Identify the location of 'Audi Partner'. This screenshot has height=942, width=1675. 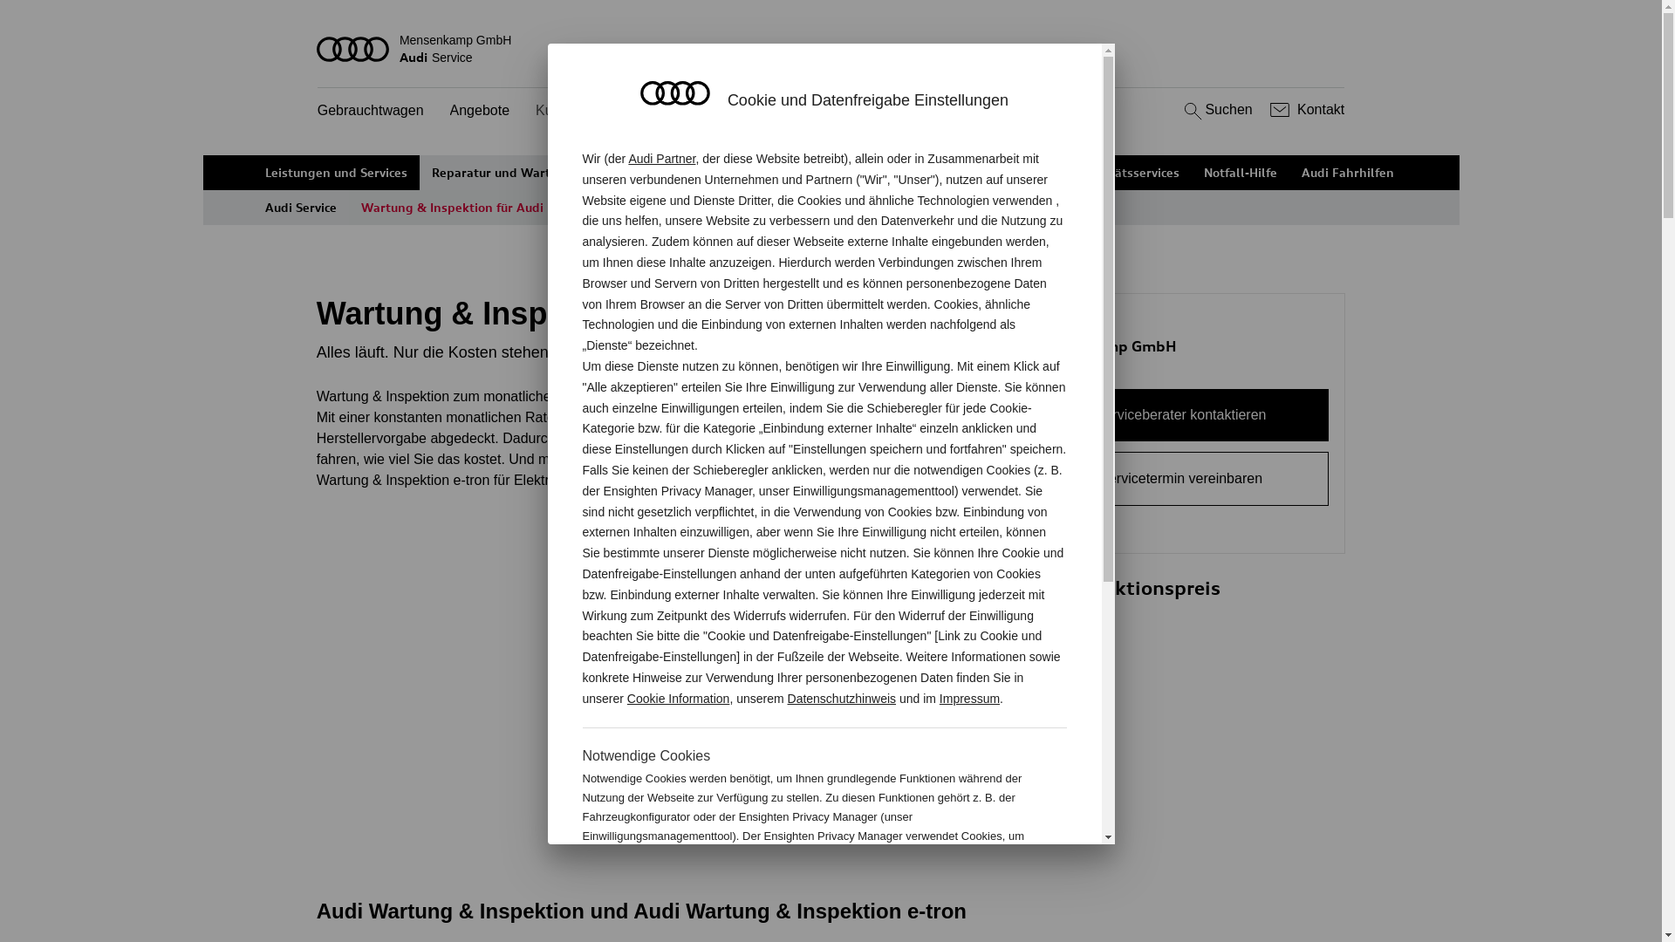
(628, 158).